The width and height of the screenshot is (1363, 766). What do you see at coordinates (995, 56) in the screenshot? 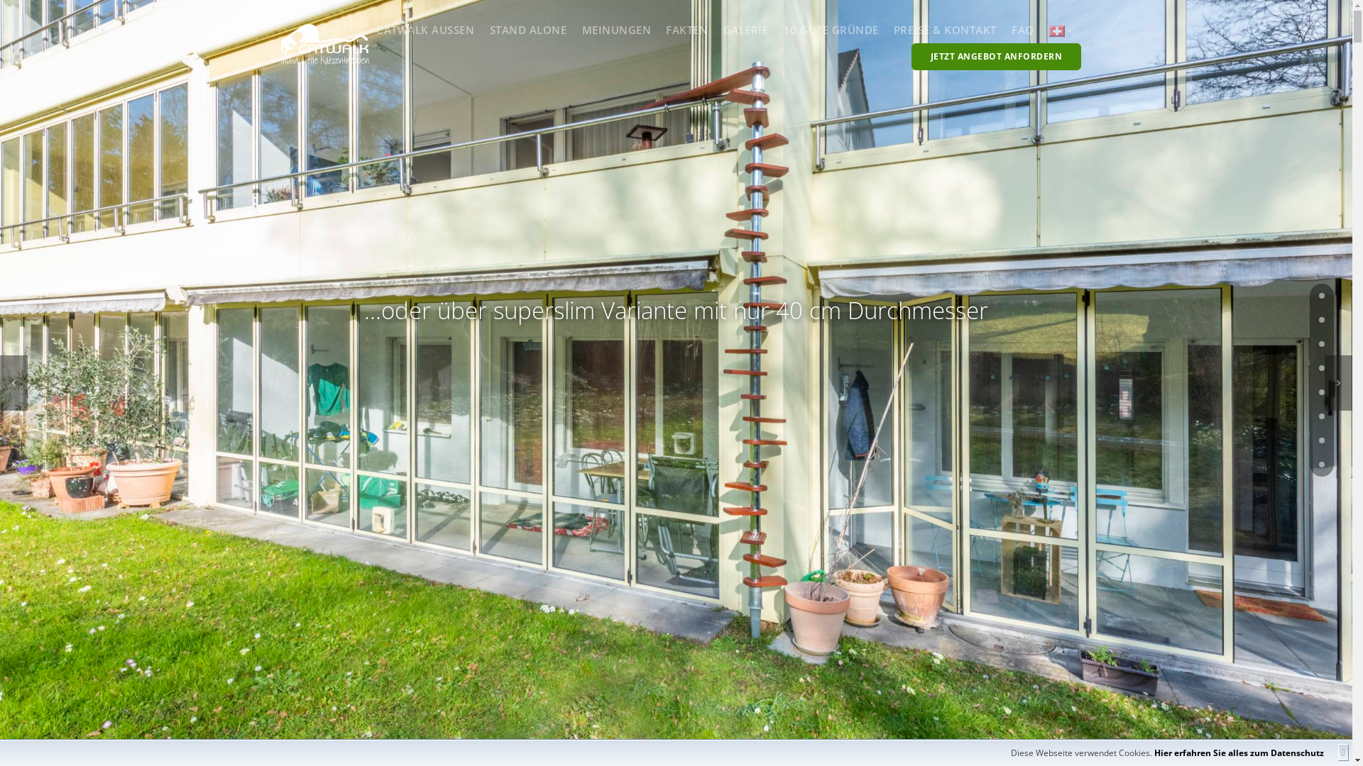
I see `'JETZT ANGEBOT ANFORDERN'` at bounding box center [995, 56].